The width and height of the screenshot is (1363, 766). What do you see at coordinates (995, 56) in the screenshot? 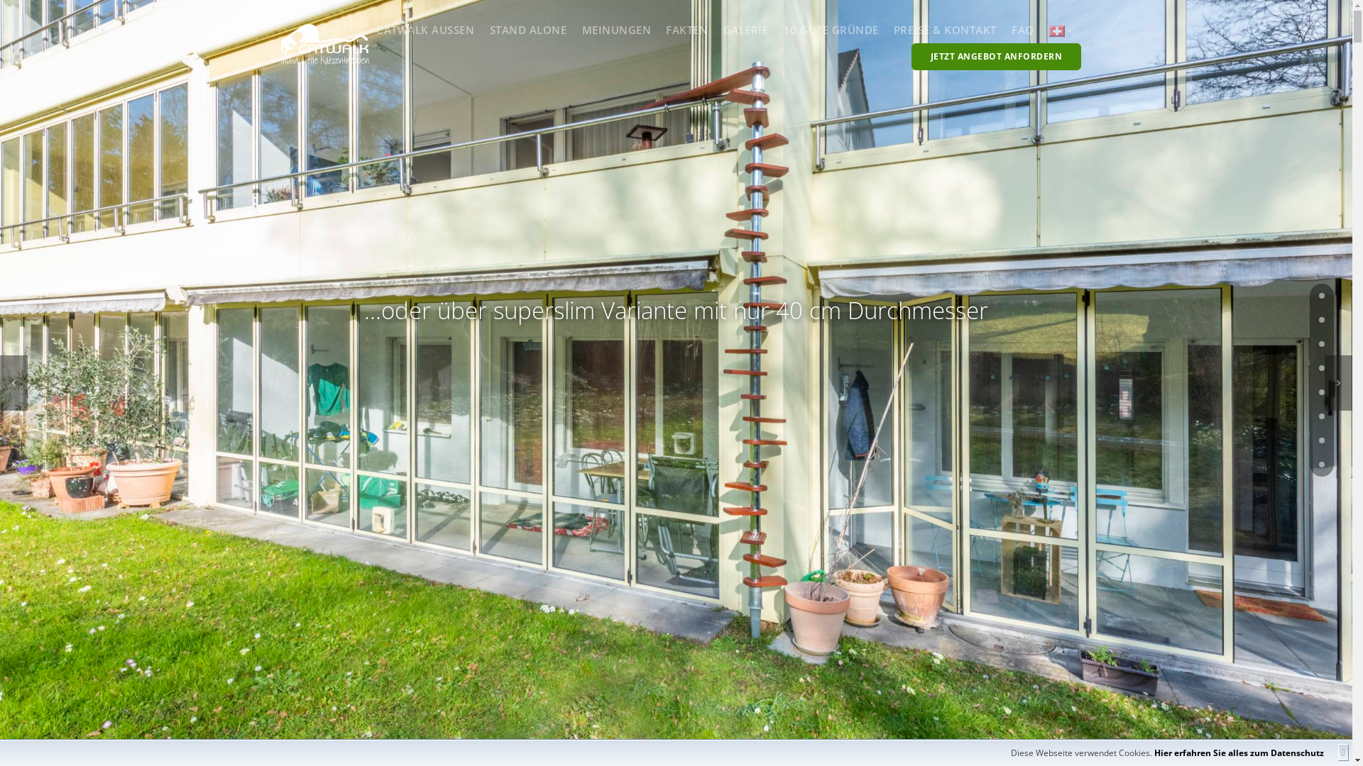
I see `'JETZT ANGEBOT ANFORDERN'` at bounding box center [995, 56].